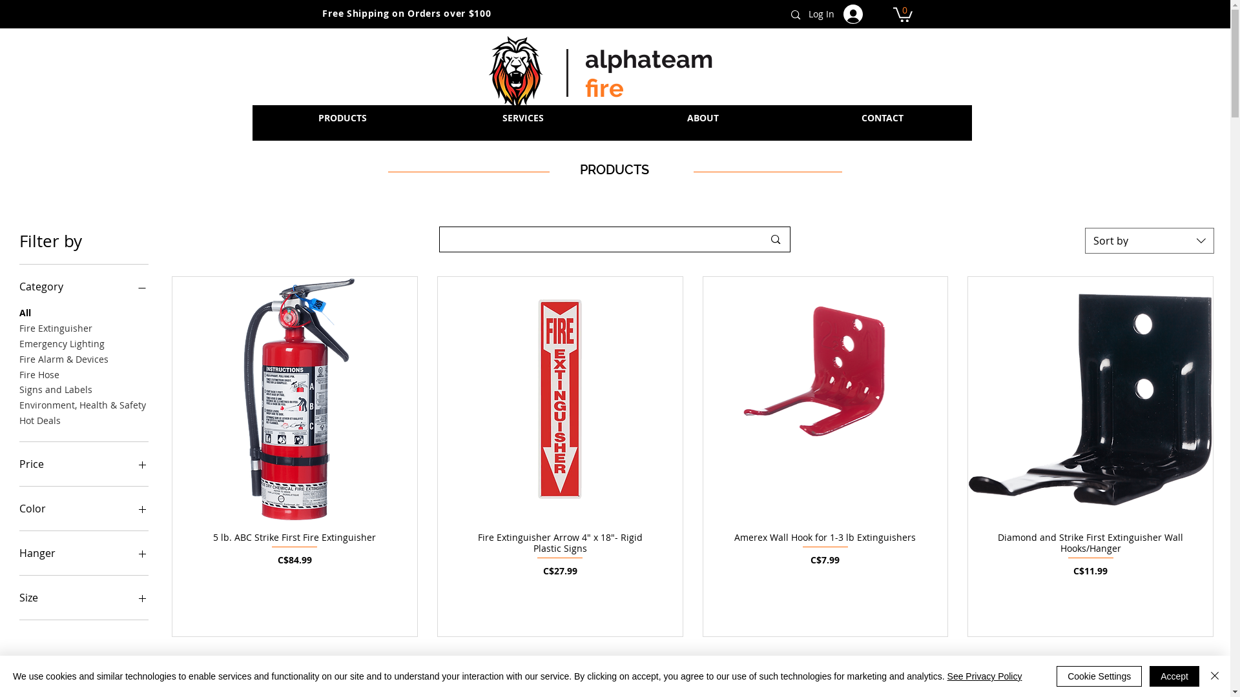 Image resolution: width=1240 pixels, height=697 pixels. Describe the element at coordinates (604, 87) in the screenshot. I see `'fire'` at that location.